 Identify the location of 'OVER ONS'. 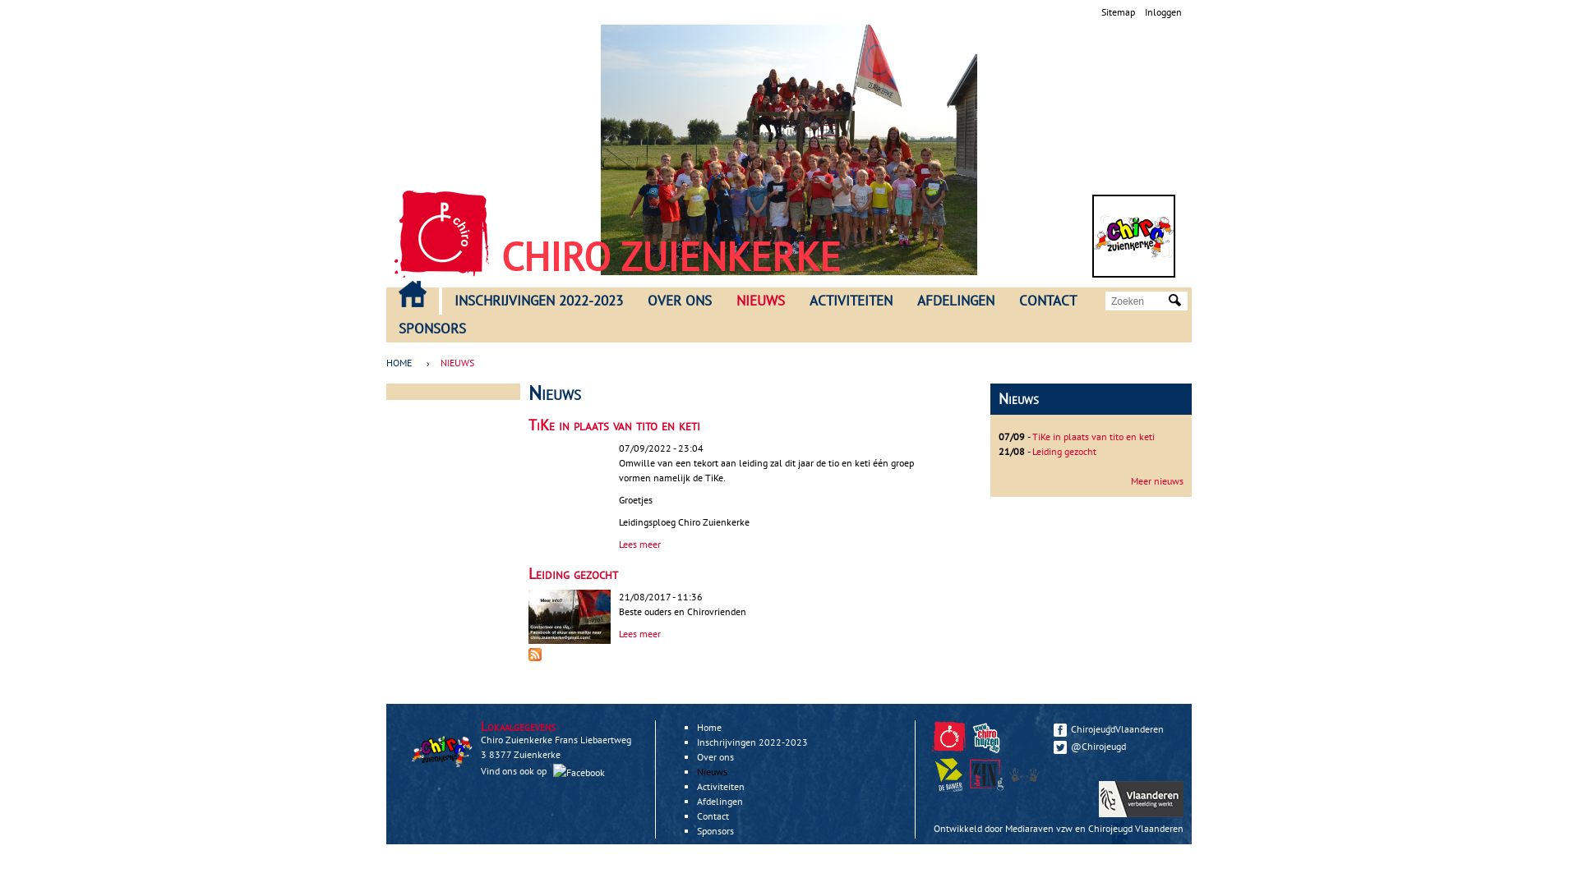
(679, 301).